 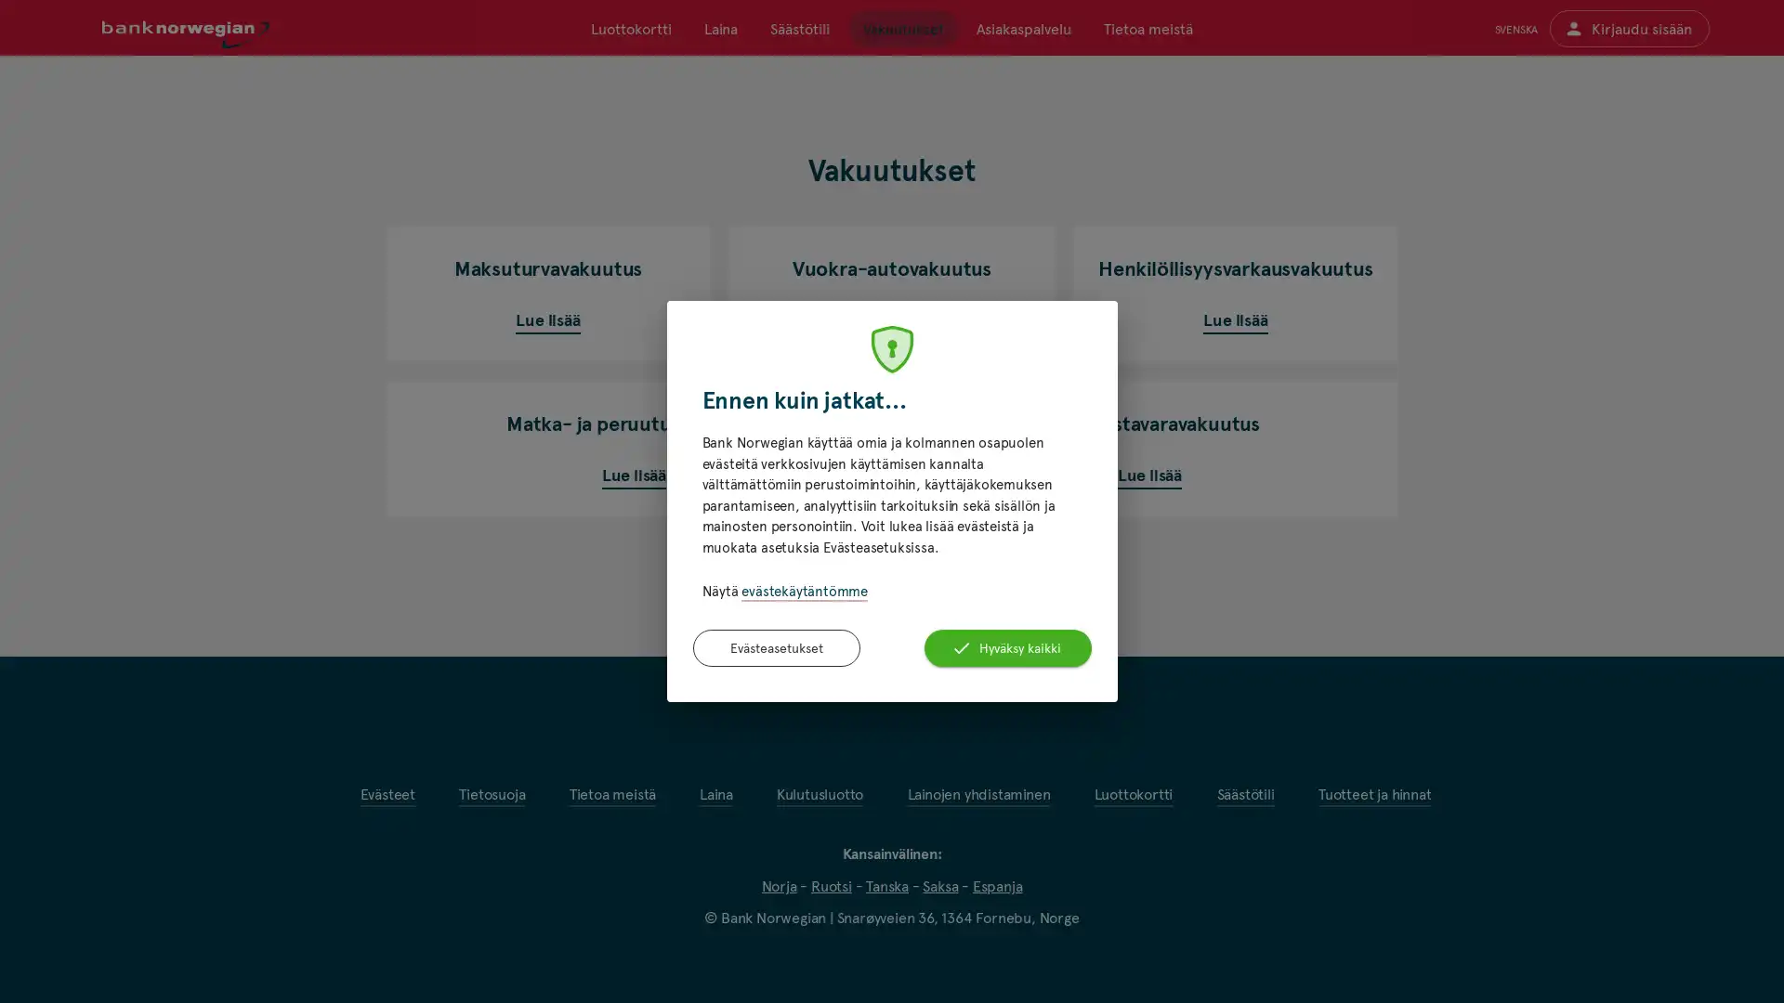 What do you see at coordinates (799, 28) in the screenshot?
I see `Saastotili` at bounding box center [799, 28].